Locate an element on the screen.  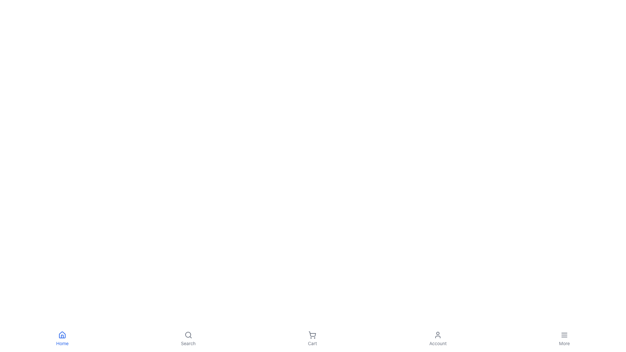
the 'Cart' text label located below the shopping cart icon in the navigation bar is located at coordinates (312, 343).